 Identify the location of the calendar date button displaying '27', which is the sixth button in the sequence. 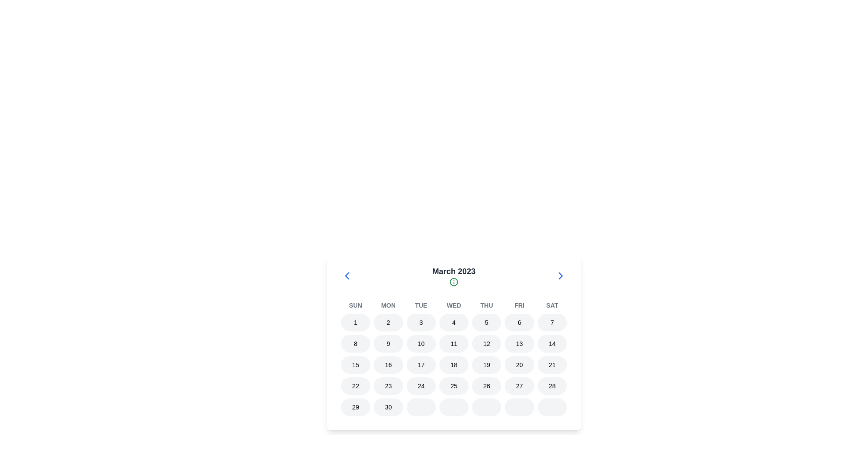
(519, 385).